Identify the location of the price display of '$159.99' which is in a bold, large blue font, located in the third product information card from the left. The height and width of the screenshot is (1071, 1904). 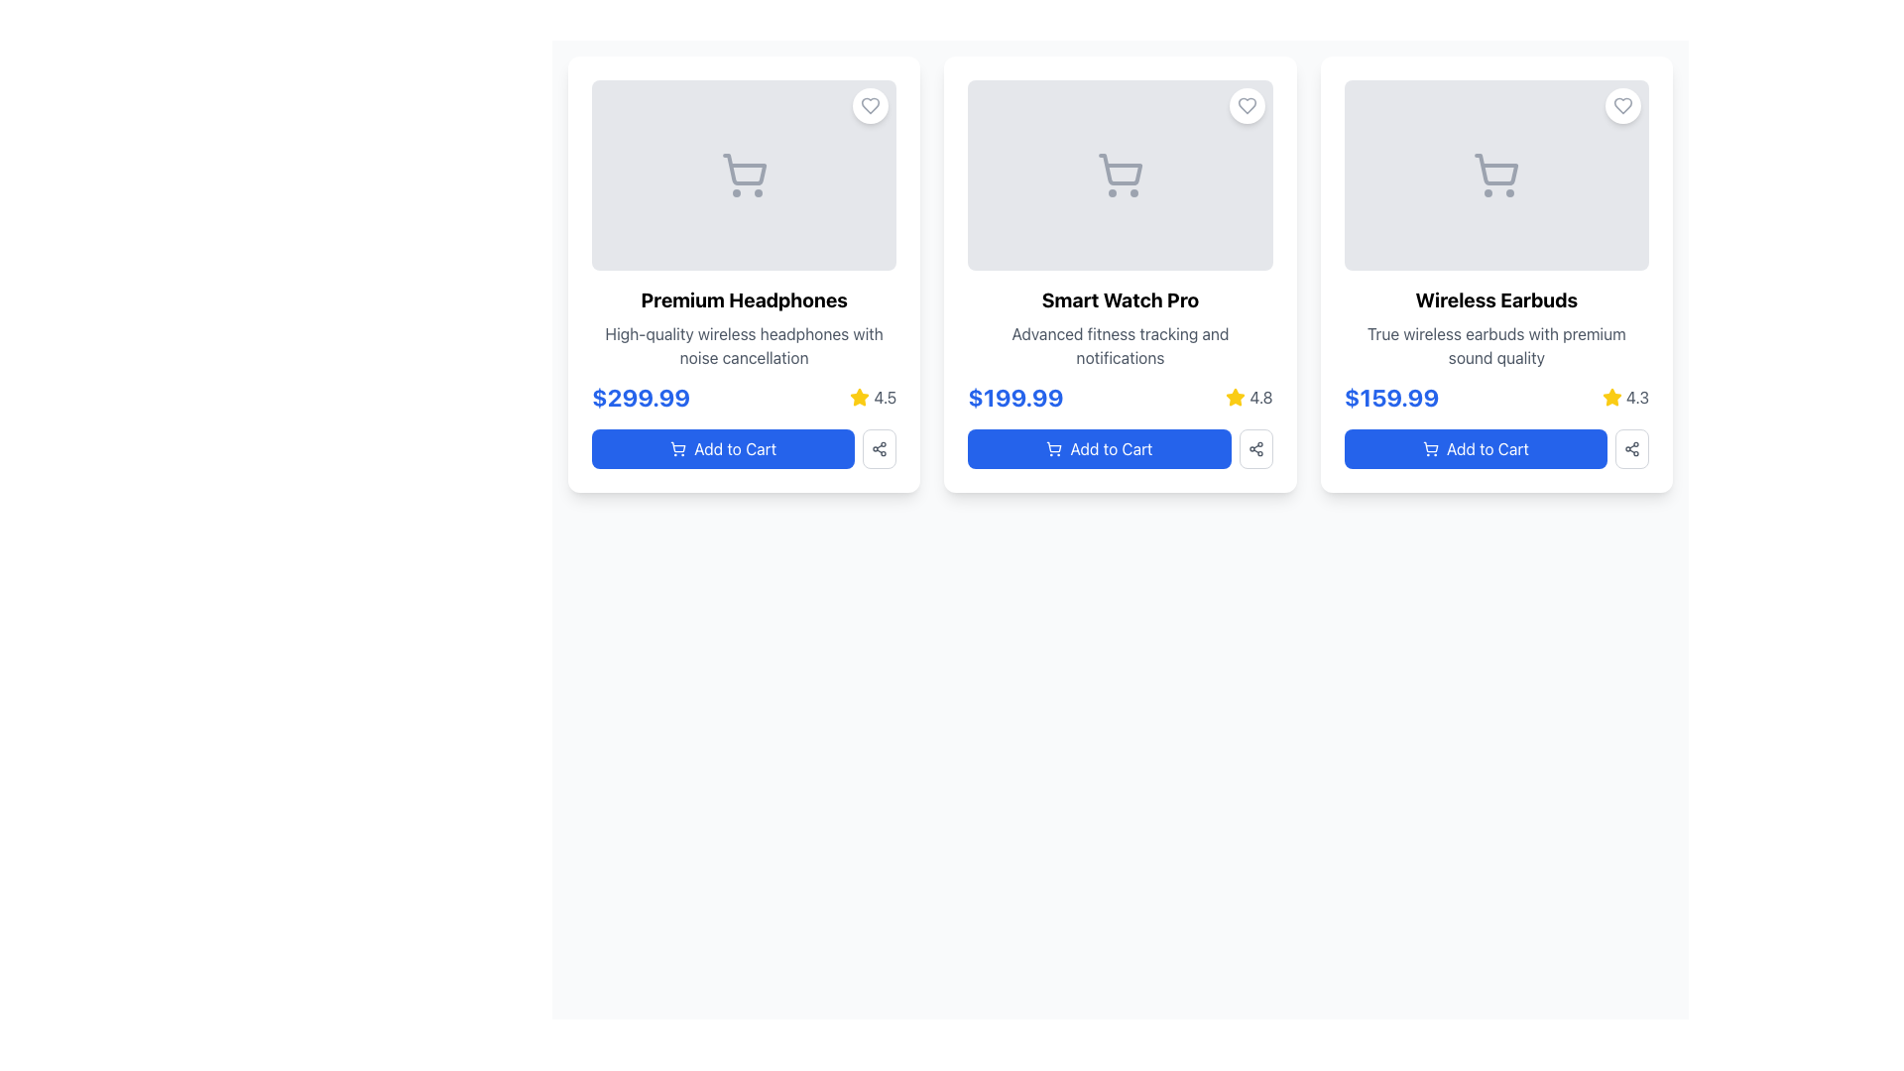
(1390, 398).